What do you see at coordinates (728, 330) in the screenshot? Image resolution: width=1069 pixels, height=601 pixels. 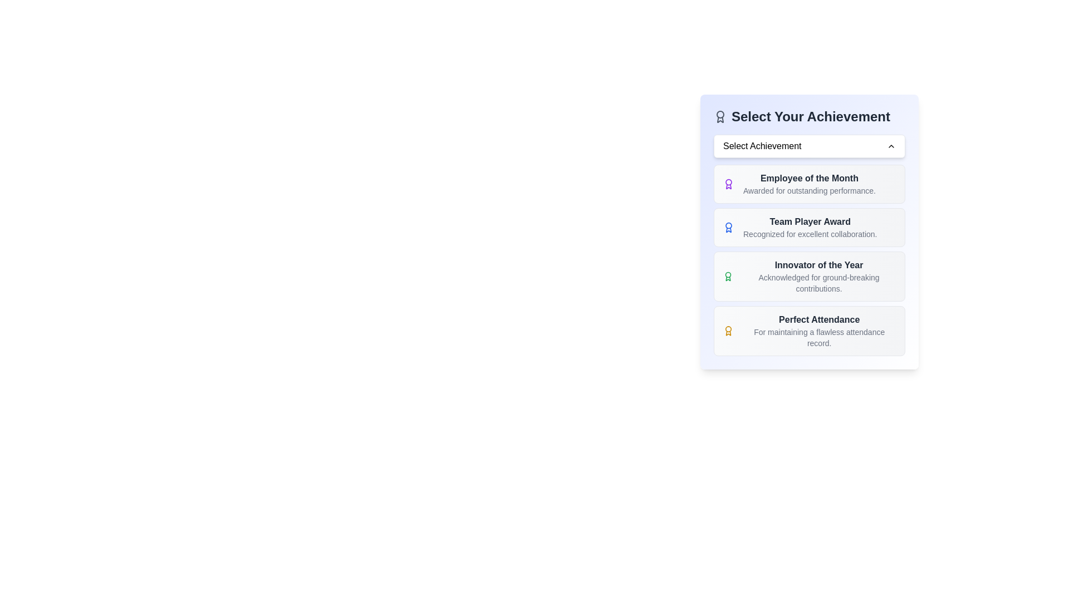 I see `the 'Perfect Attendance' achievement medal icon, which is located to the far left of the entry in the 'Select Your Achievement' section` at bounding box center [728, 330].